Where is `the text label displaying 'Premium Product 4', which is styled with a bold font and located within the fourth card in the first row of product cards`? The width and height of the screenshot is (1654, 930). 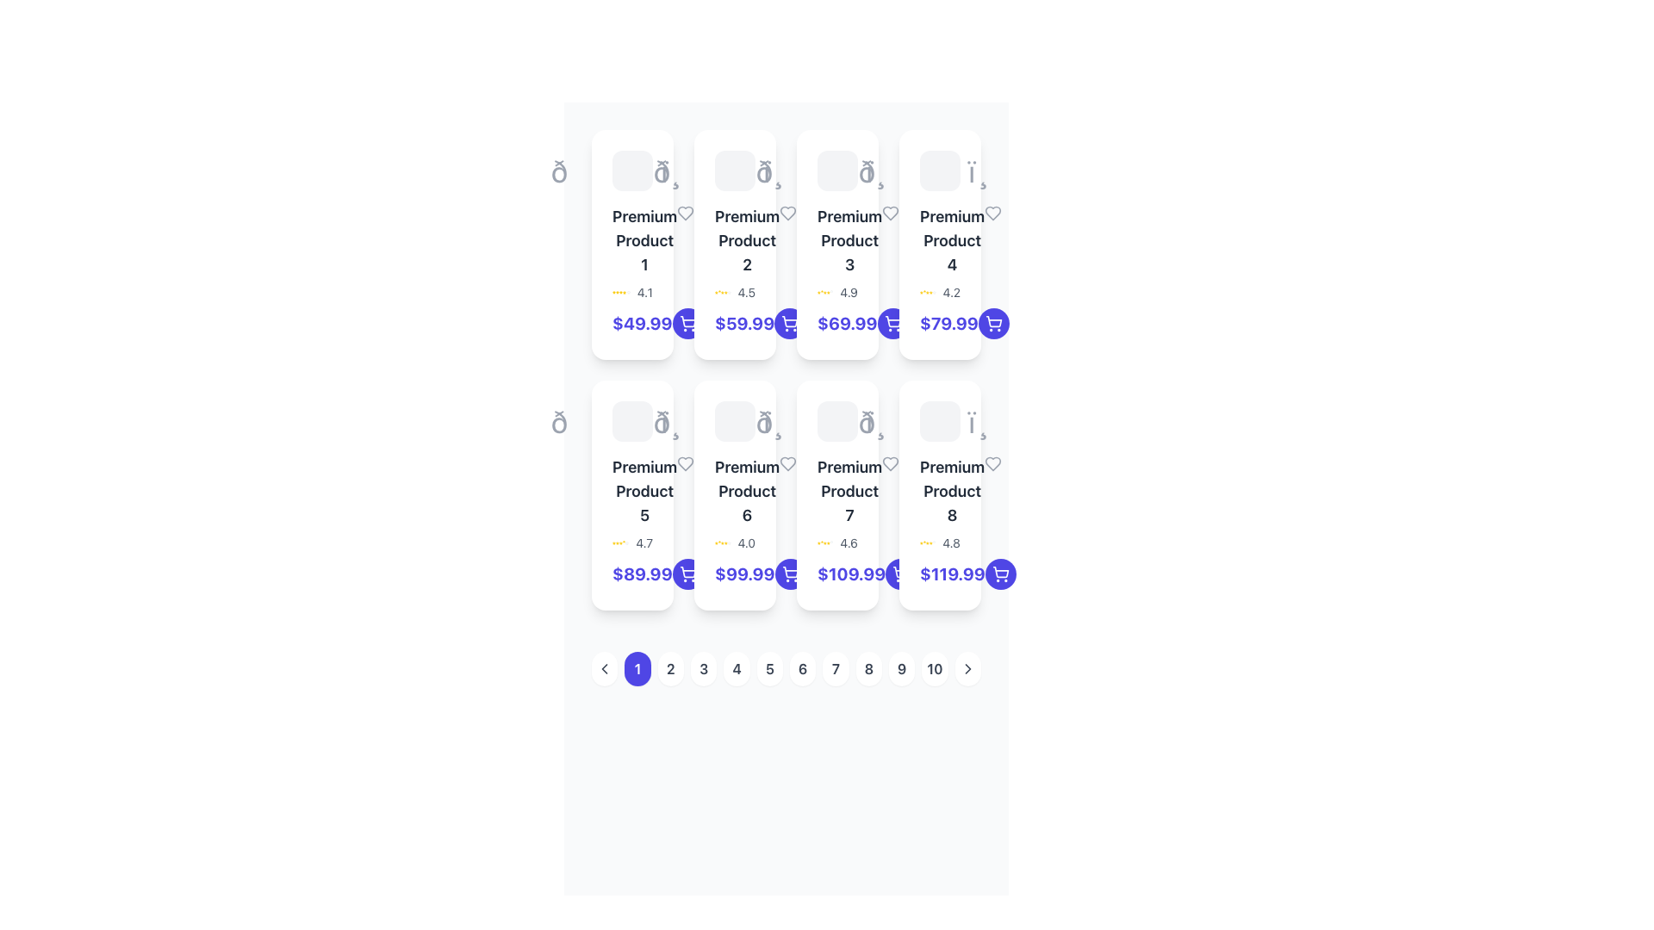
the text label displaying 'Premium Product 4', which is styled with a bold font and located within the fourth card in the first row of product cards is located at coordinates (939, 241).